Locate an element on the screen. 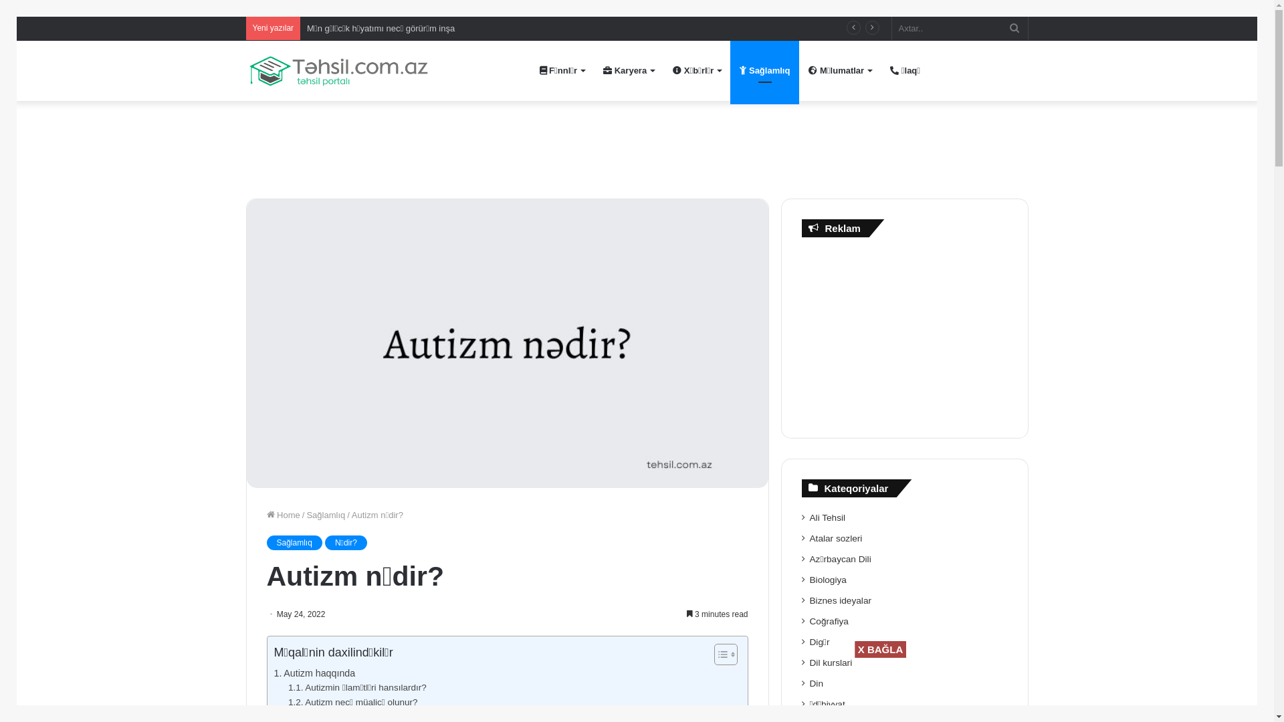  'Dil kurslari' is located at coordinates (809, 663).